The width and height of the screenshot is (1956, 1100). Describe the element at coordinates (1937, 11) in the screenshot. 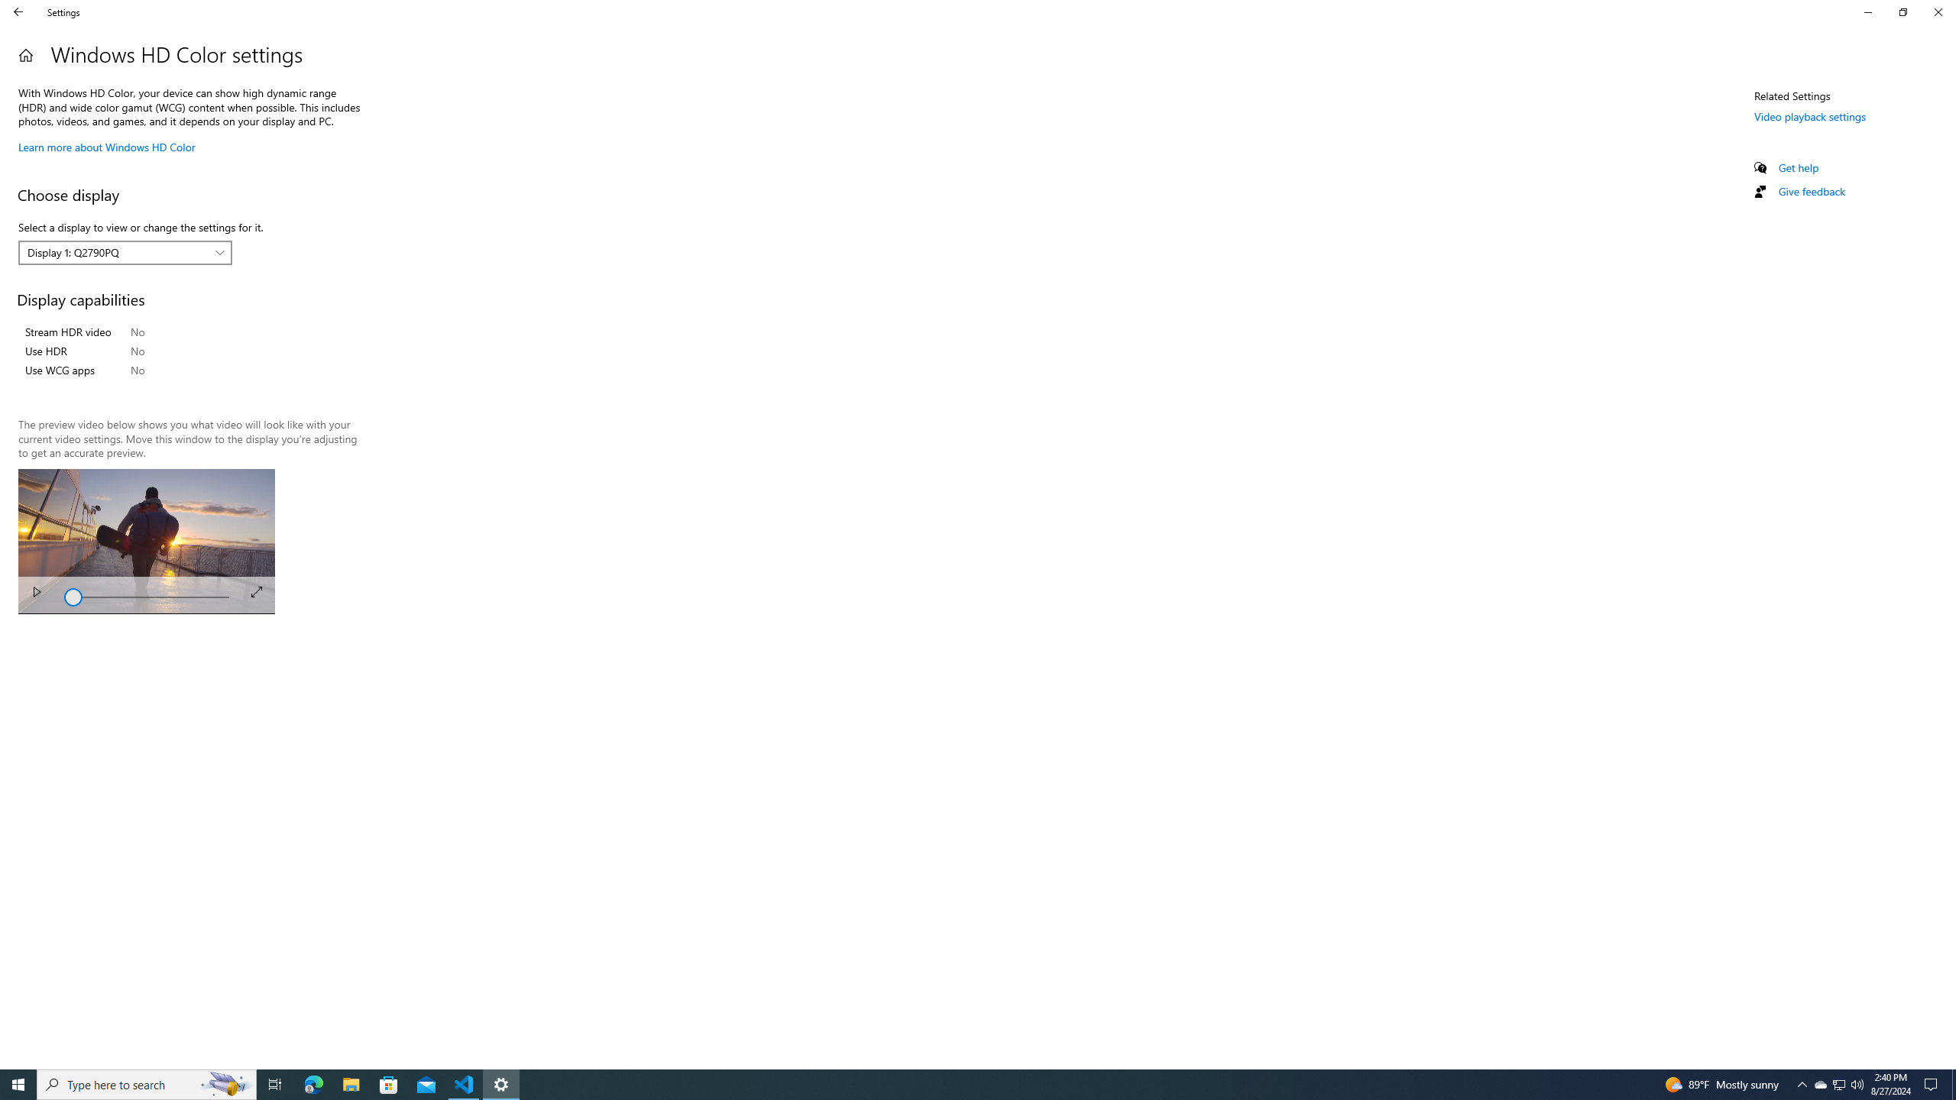

I see `'Close Settings'` at that location.